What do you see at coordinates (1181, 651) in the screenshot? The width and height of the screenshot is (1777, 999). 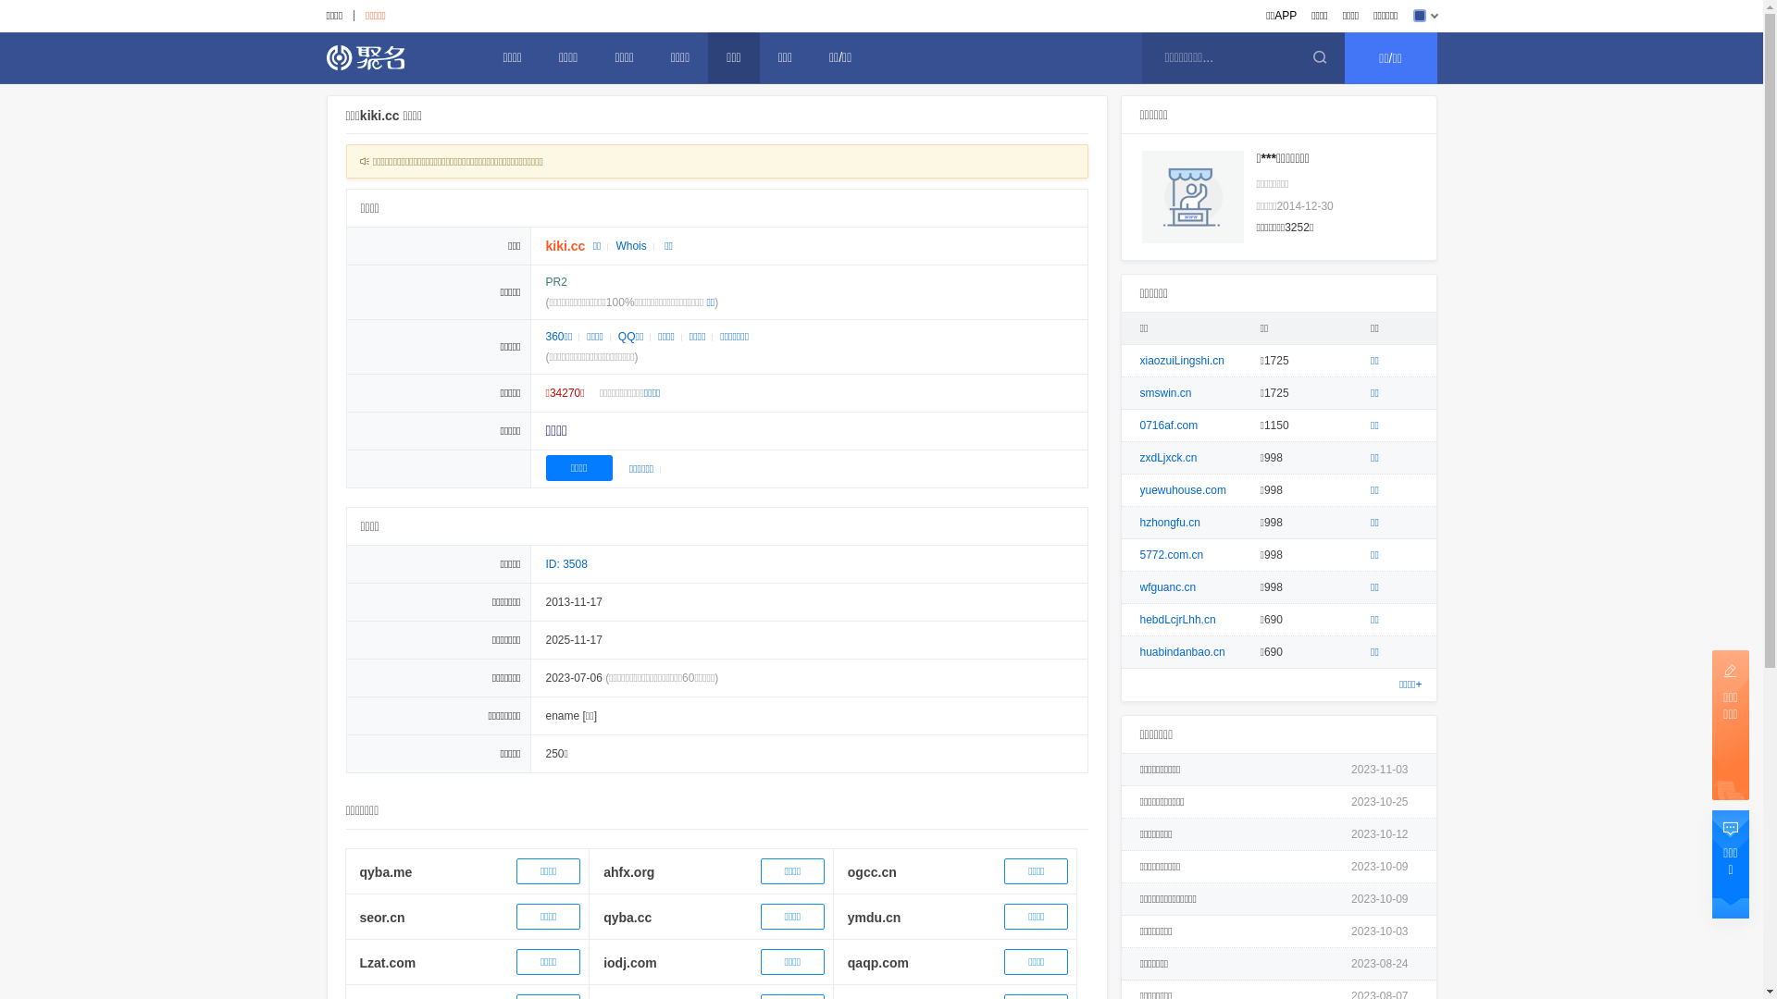 I see `'huabindanbao.cn'` at bounding box center [1181, 651].